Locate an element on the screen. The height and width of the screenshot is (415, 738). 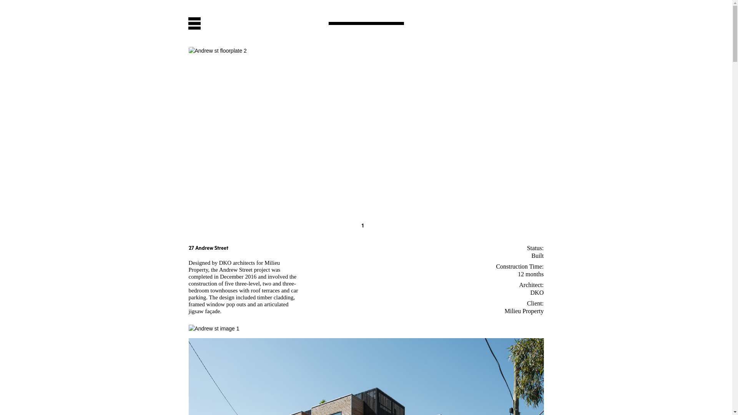
'1' is located at coordinates (360, 226).